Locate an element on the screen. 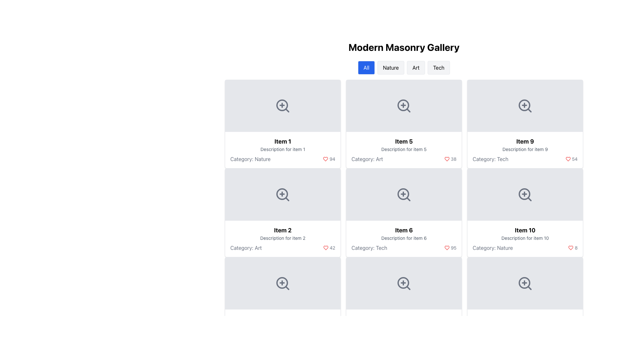  the red heart icon with the number '42' located in the bottom right corner of the card labeled 'Item 2' under 'Category: Art' is located at coordinates (329, 248).